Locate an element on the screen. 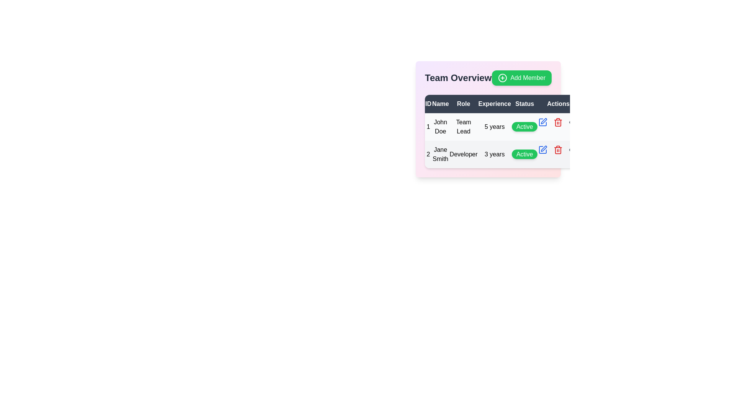  the 'Role' header in the table, which is the third header from the left, indicating that the corresponding column contains data related to roles is located at coordinates (463, 104).